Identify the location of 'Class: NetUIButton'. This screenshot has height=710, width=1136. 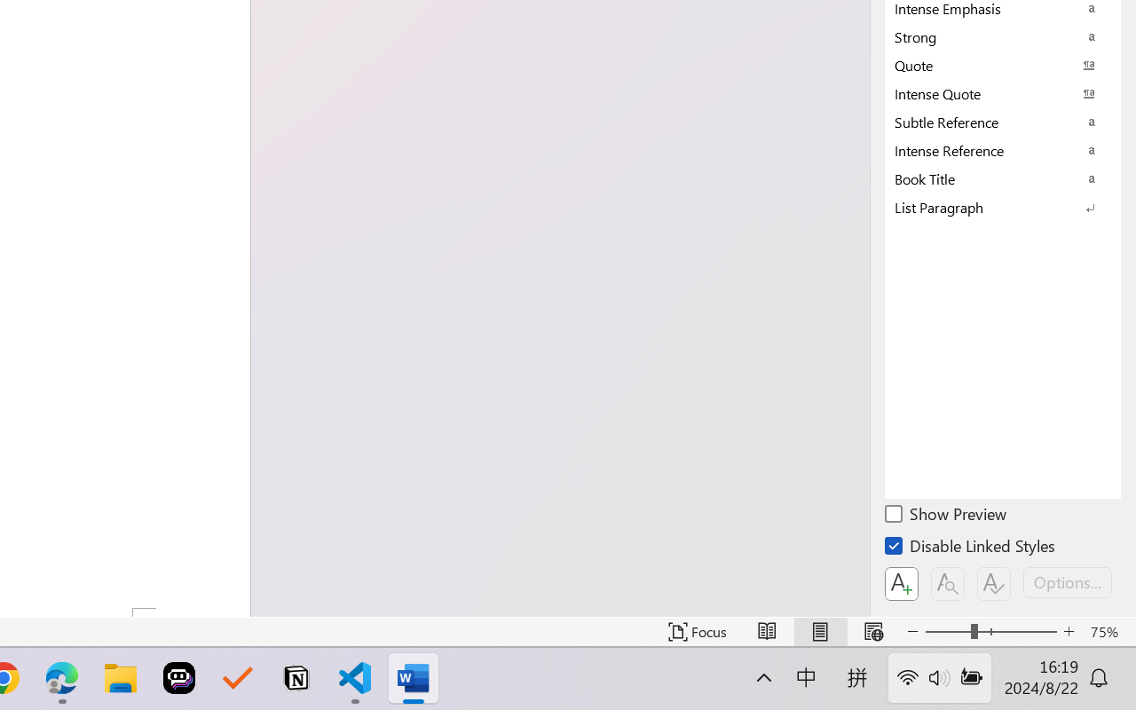
(994, 583).